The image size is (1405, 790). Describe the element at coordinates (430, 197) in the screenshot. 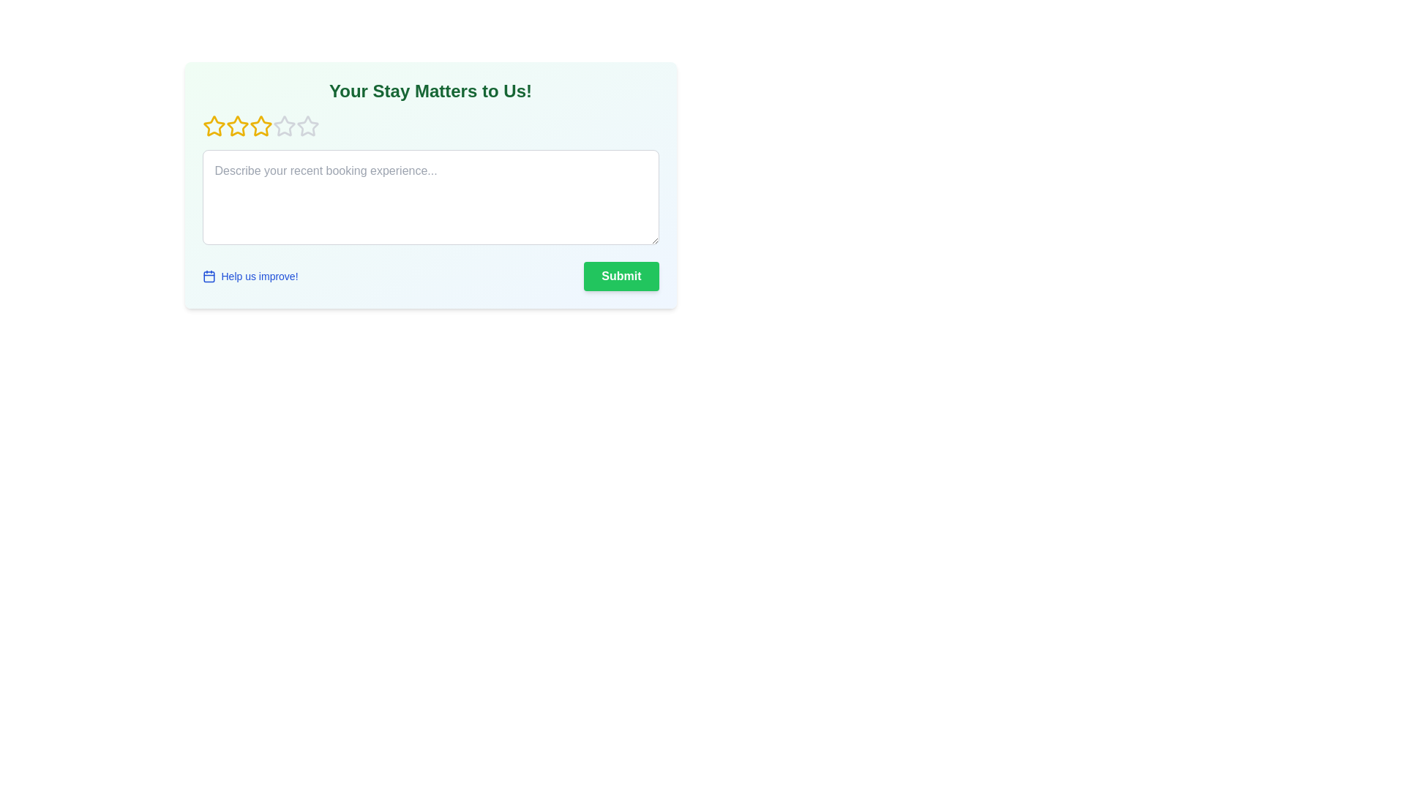

I see `the text area and type the feedback text` at that location.